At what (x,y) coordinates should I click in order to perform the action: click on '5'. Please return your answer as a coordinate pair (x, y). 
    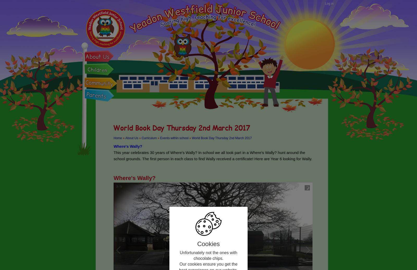
    Looking at the image, I should click on (120, 186).